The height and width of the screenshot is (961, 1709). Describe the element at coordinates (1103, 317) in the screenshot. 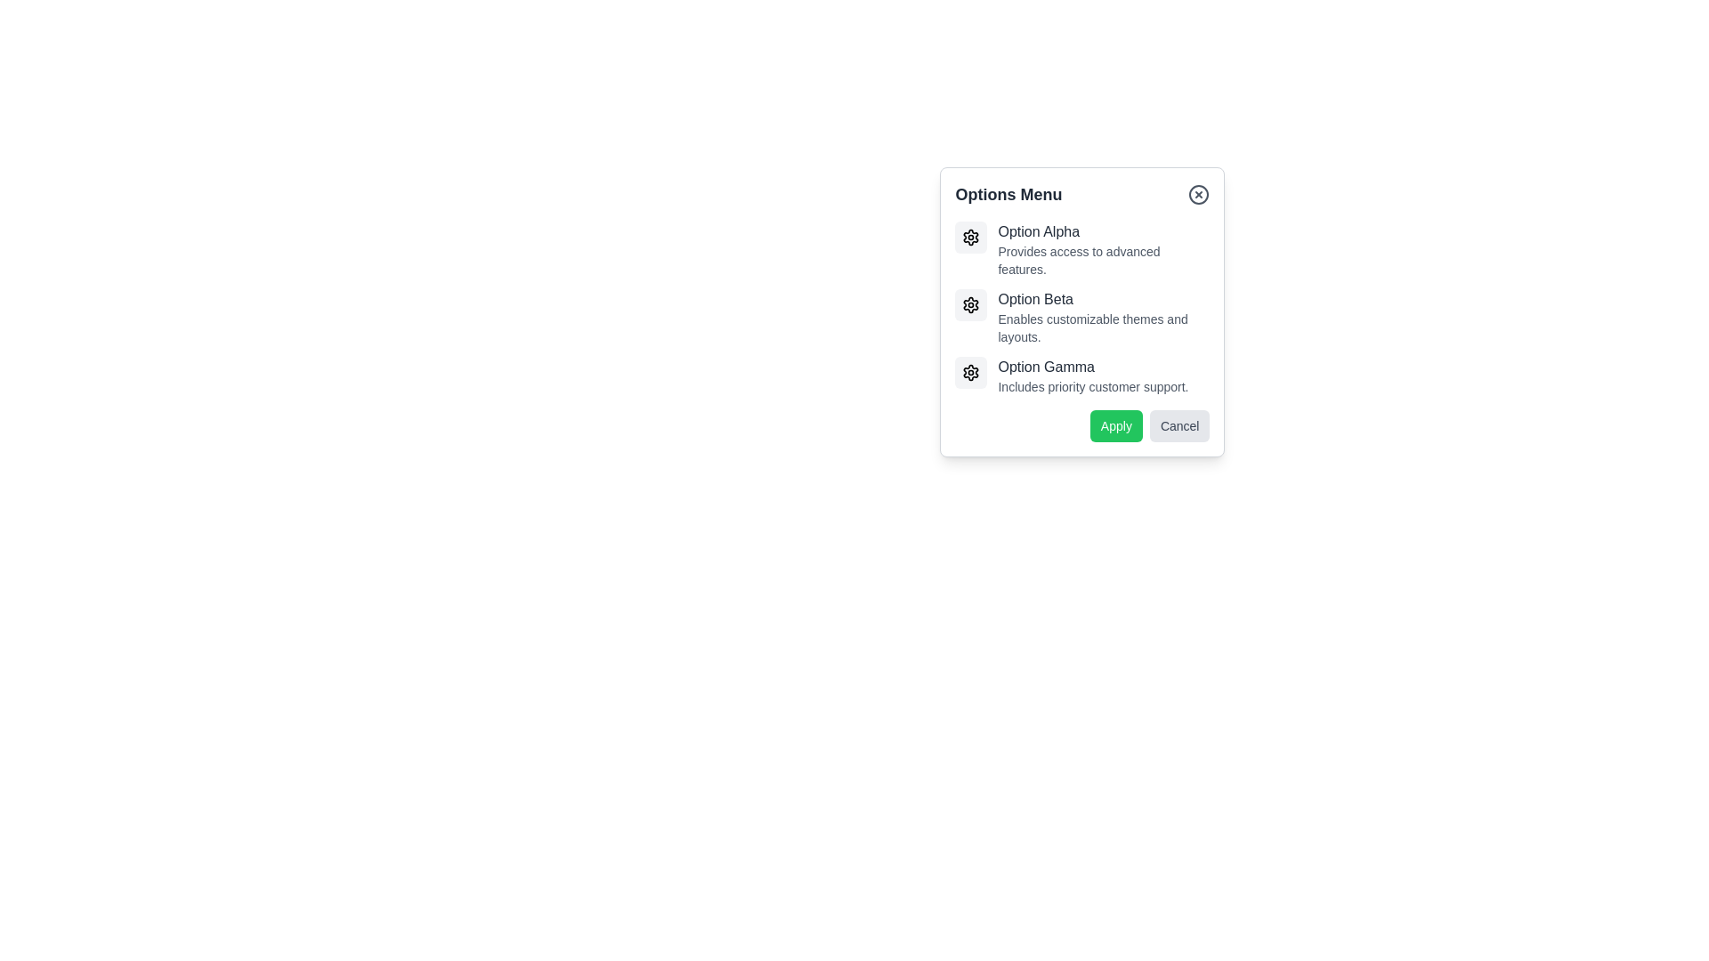

I see `the second selectable menu item labeled 'Option Beta'` at that location.